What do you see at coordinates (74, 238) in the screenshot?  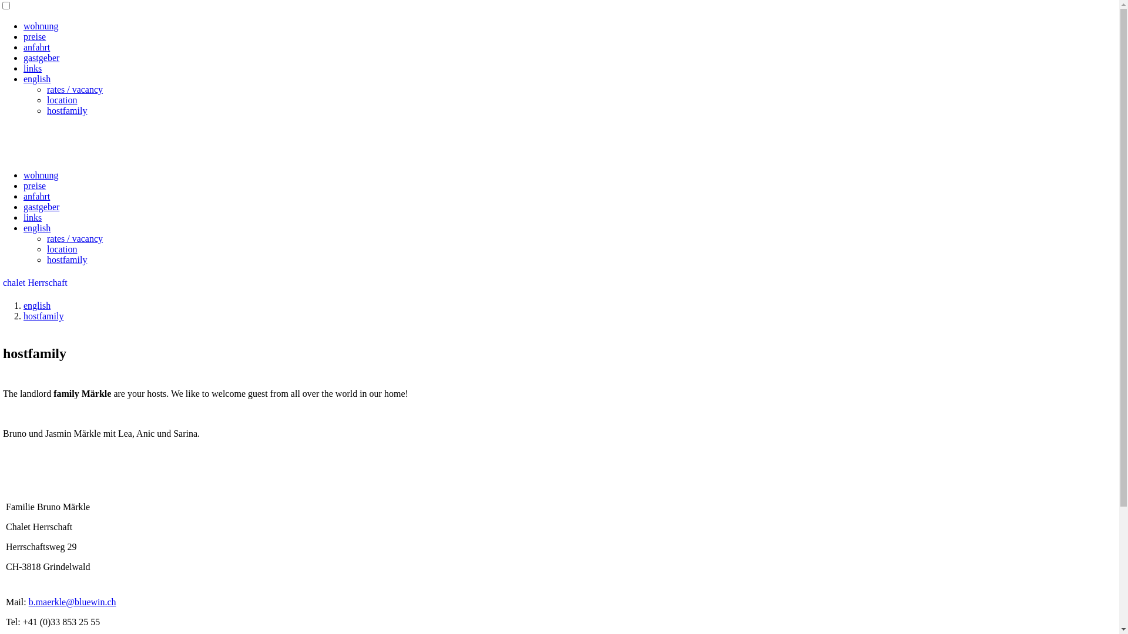 I see `'rates / vacancy'` at bounding box center [74, 238].